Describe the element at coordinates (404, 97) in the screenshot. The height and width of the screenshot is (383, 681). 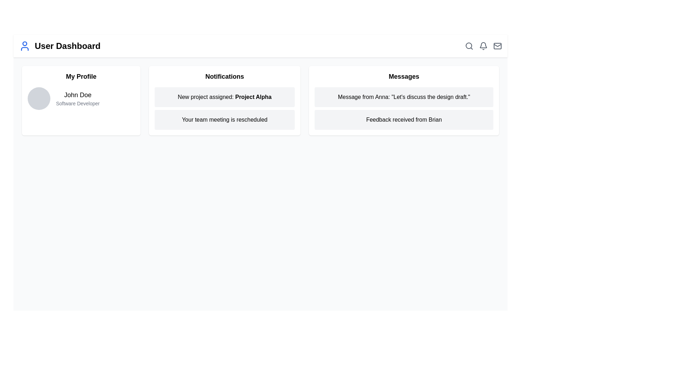
I see `the notification box displaying 'Message from Anna: "Let's discuss the design draft."' in the Messages section` at that location.